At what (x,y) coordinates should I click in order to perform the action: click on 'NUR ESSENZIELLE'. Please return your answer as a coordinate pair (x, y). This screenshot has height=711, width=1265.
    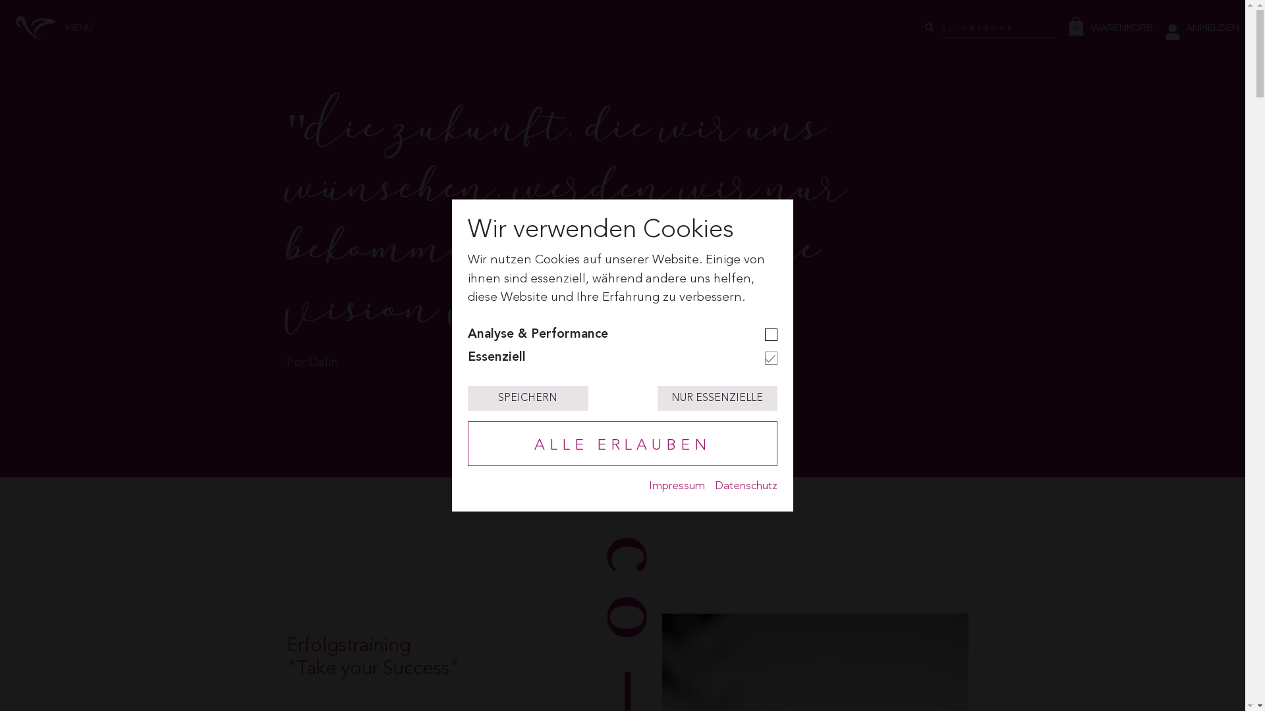
    Looking at the image, I should click on (717, 398).